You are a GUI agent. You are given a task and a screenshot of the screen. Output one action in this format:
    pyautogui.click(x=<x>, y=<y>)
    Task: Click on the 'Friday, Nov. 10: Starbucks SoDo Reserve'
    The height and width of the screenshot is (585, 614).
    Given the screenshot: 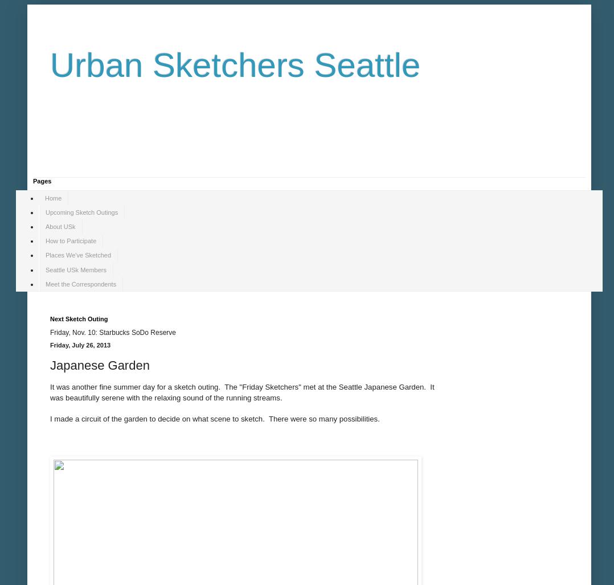 What is the action you would take?
    pyautogui.click(x=49, y=332)
    